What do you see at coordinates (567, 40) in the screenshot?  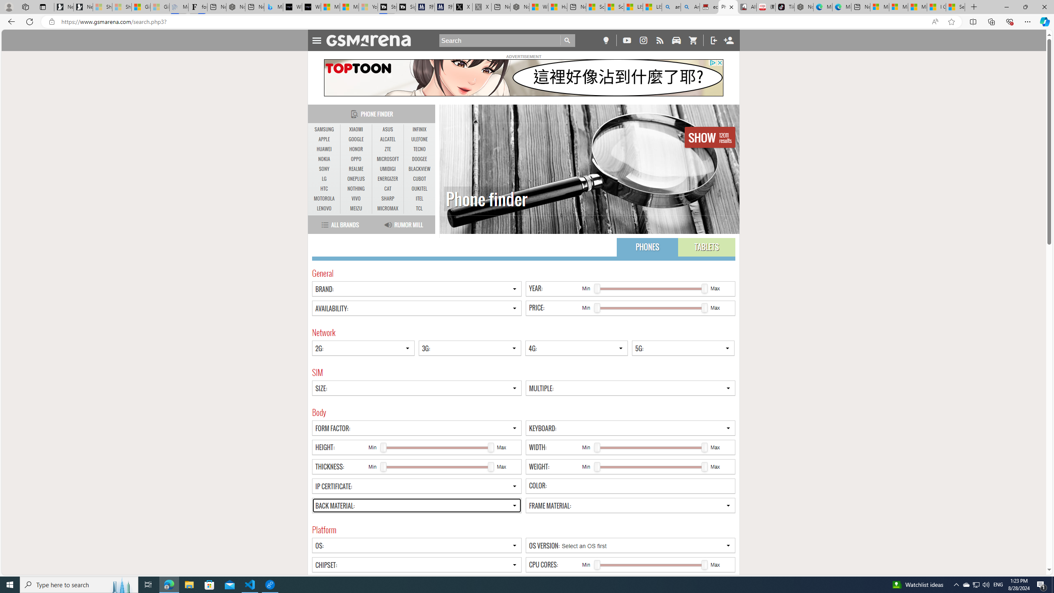 I see `'Go'` at bounding box center [567, 40].